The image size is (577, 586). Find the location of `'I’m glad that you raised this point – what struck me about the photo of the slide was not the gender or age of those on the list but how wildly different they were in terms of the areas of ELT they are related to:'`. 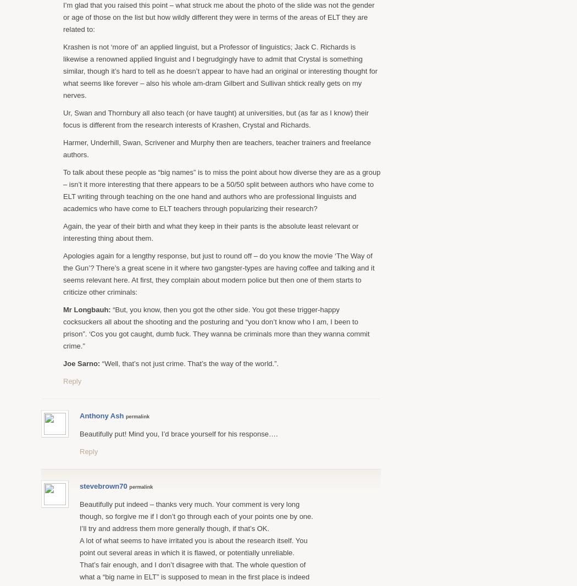

'I’m glad that you raised this point – what struck me about the photo of the slide was not the gender or age of those on the list but how wildly different they were in terms of the areas of ELT they are related to:' is located at coordinates (62, 16).